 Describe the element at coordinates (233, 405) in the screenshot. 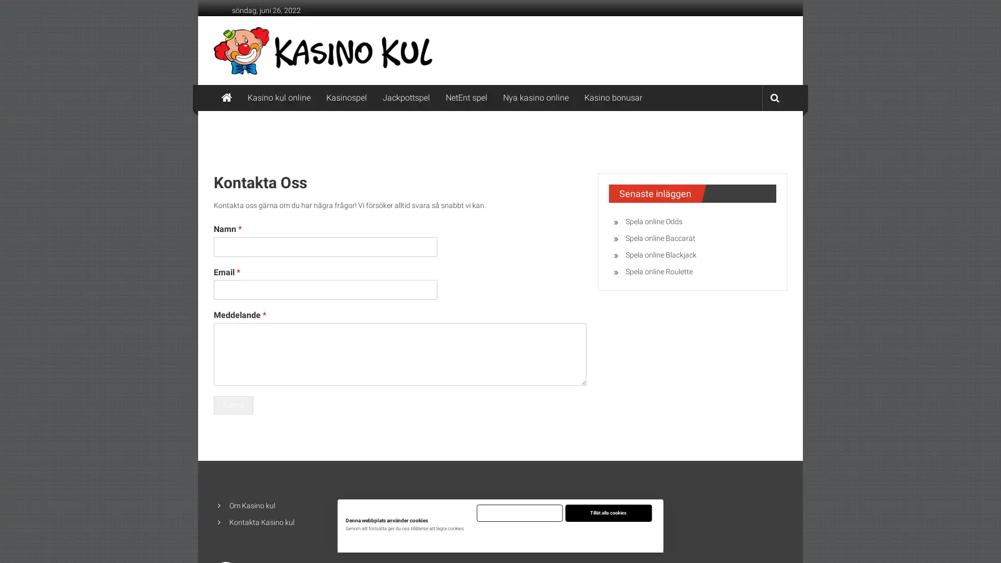

I see `Submit` at that location.